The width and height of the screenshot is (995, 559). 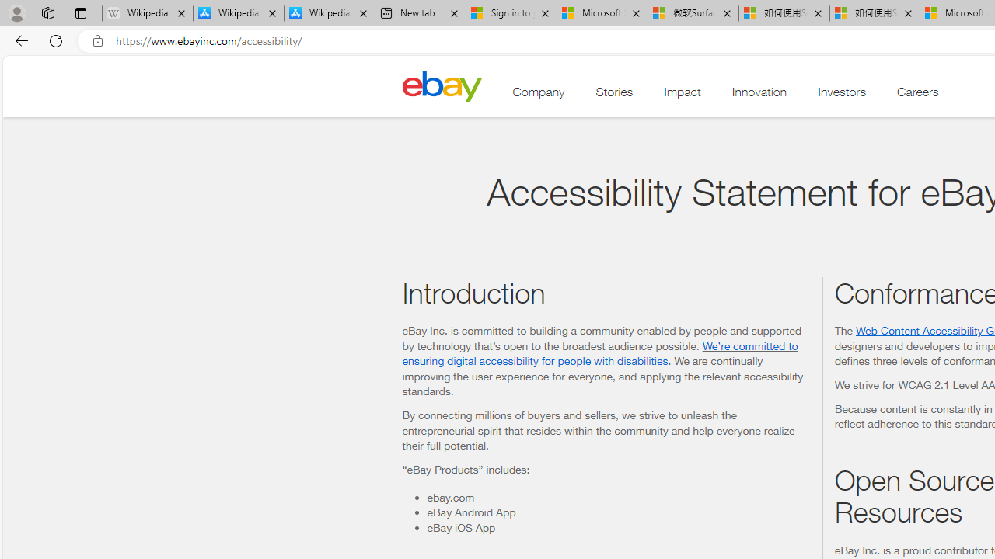 I want to click on 'Investors', so click(x=841, y=95).